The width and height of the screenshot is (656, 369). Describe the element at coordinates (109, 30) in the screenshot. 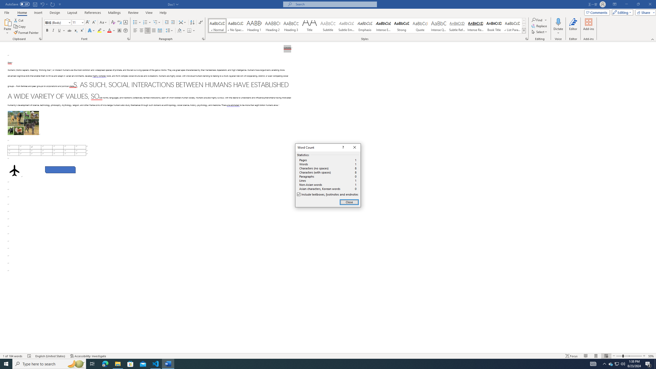

I see `'Font Color Red'` at that location.